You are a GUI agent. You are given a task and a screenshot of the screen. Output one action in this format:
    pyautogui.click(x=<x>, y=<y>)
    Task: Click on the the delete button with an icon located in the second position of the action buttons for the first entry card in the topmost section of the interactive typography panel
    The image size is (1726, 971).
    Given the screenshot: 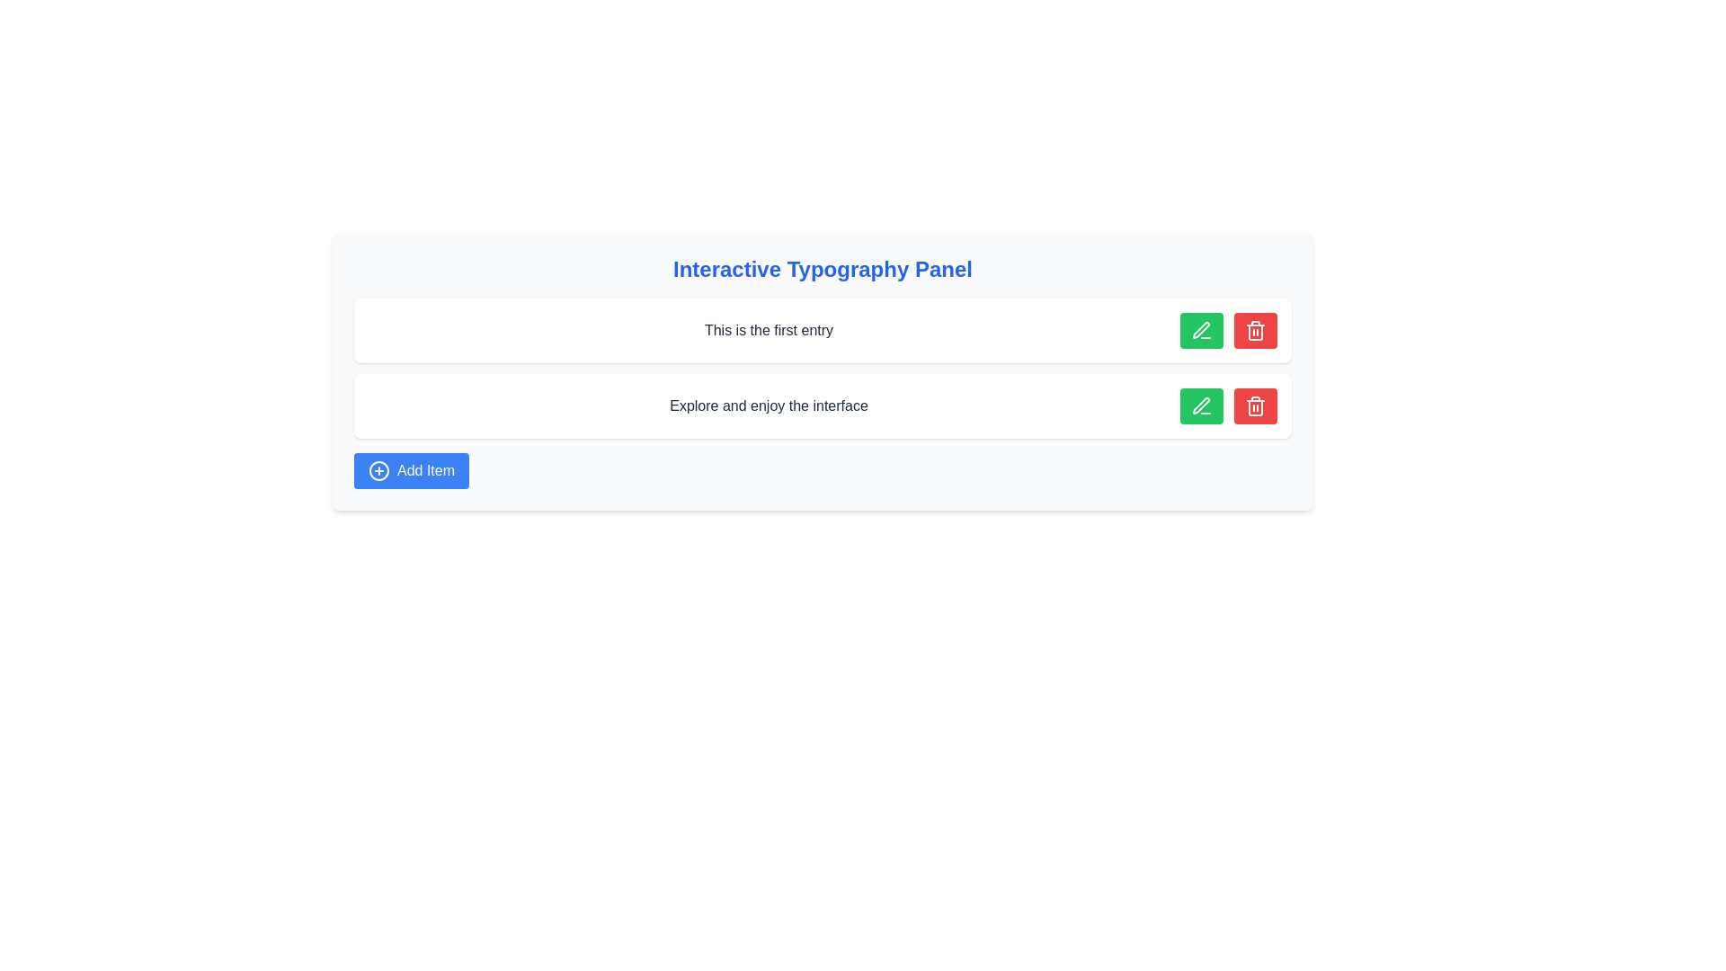 What is the action you would take?
    pyautogui.click(x=1254, y=330)
    